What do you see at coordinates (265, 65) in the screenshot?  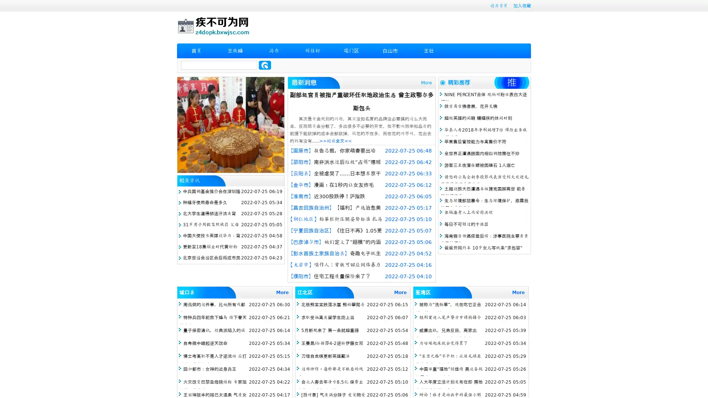 I see `Search` at bounding box center [265, 65].